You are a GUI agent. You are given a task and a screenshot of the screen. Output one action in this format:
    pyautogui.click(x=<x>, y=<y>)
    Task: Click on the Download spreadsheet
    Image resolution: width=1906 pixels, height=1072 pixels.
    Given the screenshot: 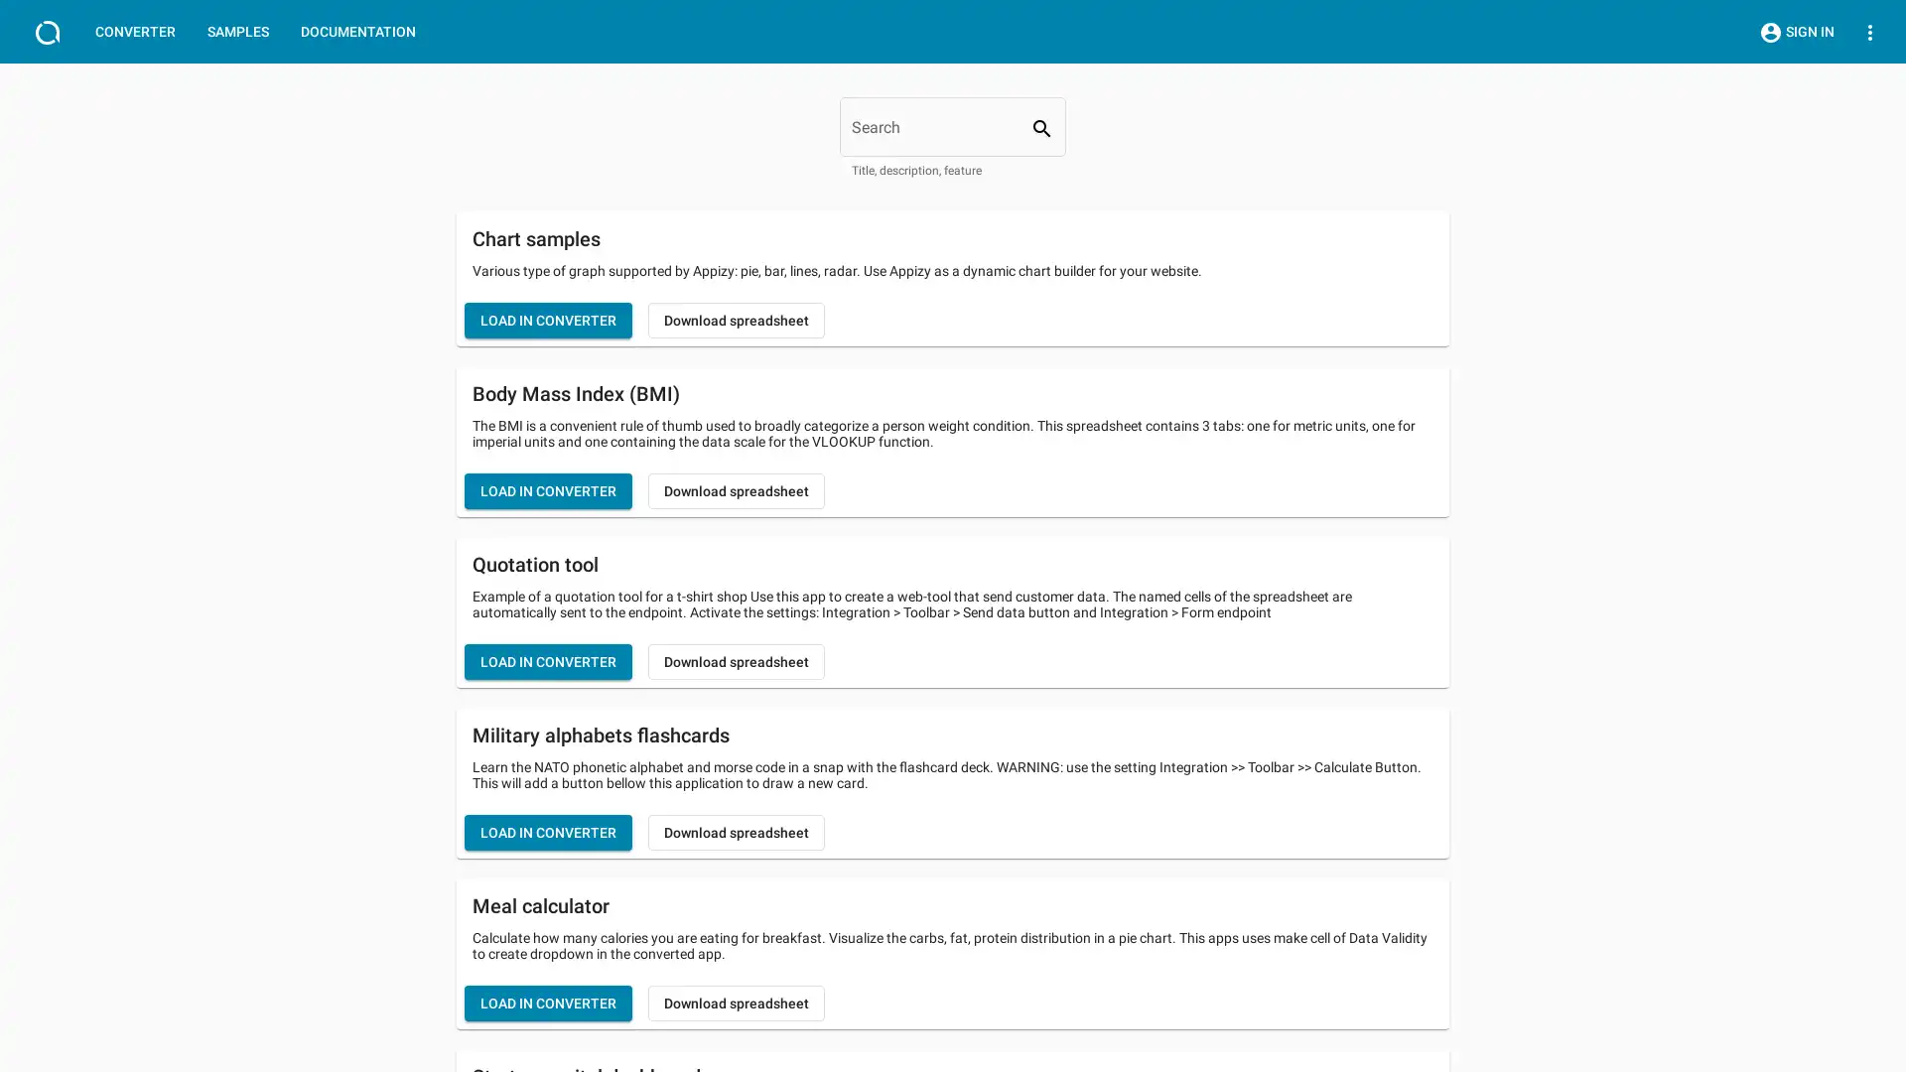 What is the action you would take?
    pyautogui.click(x=736, y=1003)
    